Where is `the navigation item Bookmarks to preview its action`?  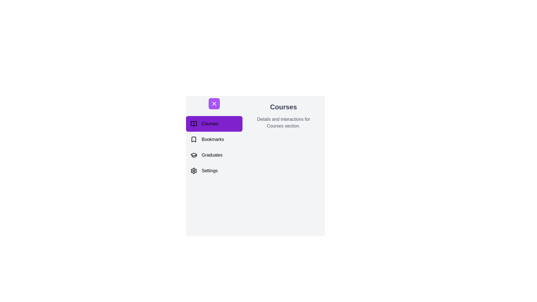
the navigation item Bookmarks to preview its action is located at coordinates (214, 139).